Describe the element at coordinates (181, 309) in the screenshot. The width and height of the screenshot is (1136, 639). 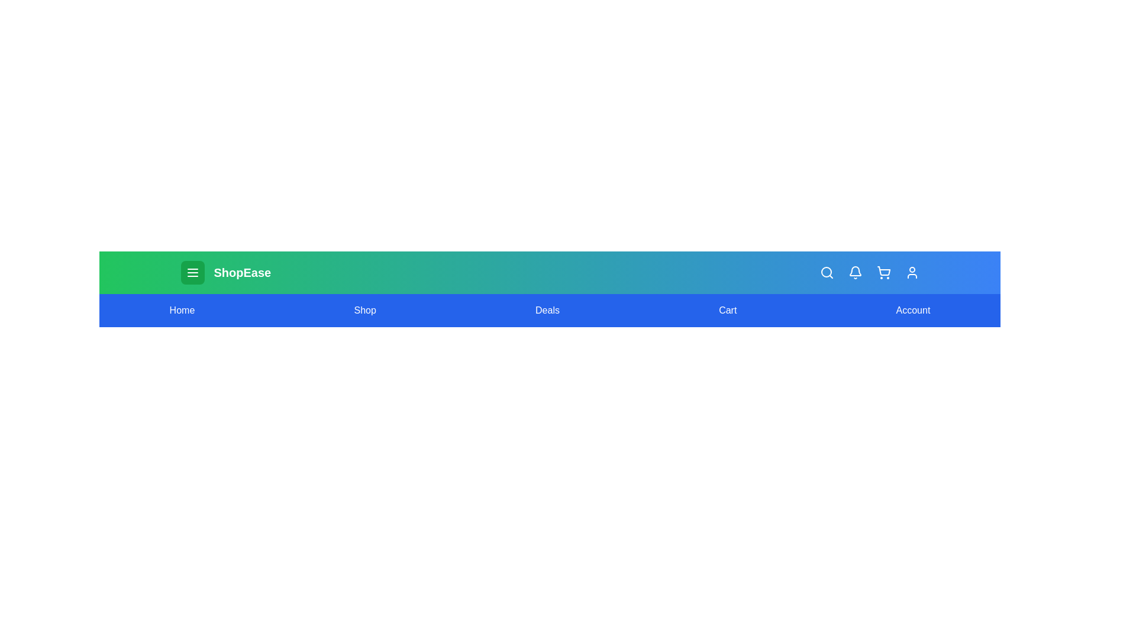
I see `the Home navigation link to navigate to the corresponding section` at that location.